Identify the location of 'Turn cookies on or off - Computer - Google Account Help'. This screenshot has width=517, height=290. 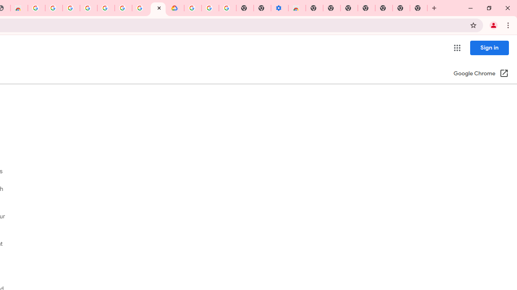
(227, 8).